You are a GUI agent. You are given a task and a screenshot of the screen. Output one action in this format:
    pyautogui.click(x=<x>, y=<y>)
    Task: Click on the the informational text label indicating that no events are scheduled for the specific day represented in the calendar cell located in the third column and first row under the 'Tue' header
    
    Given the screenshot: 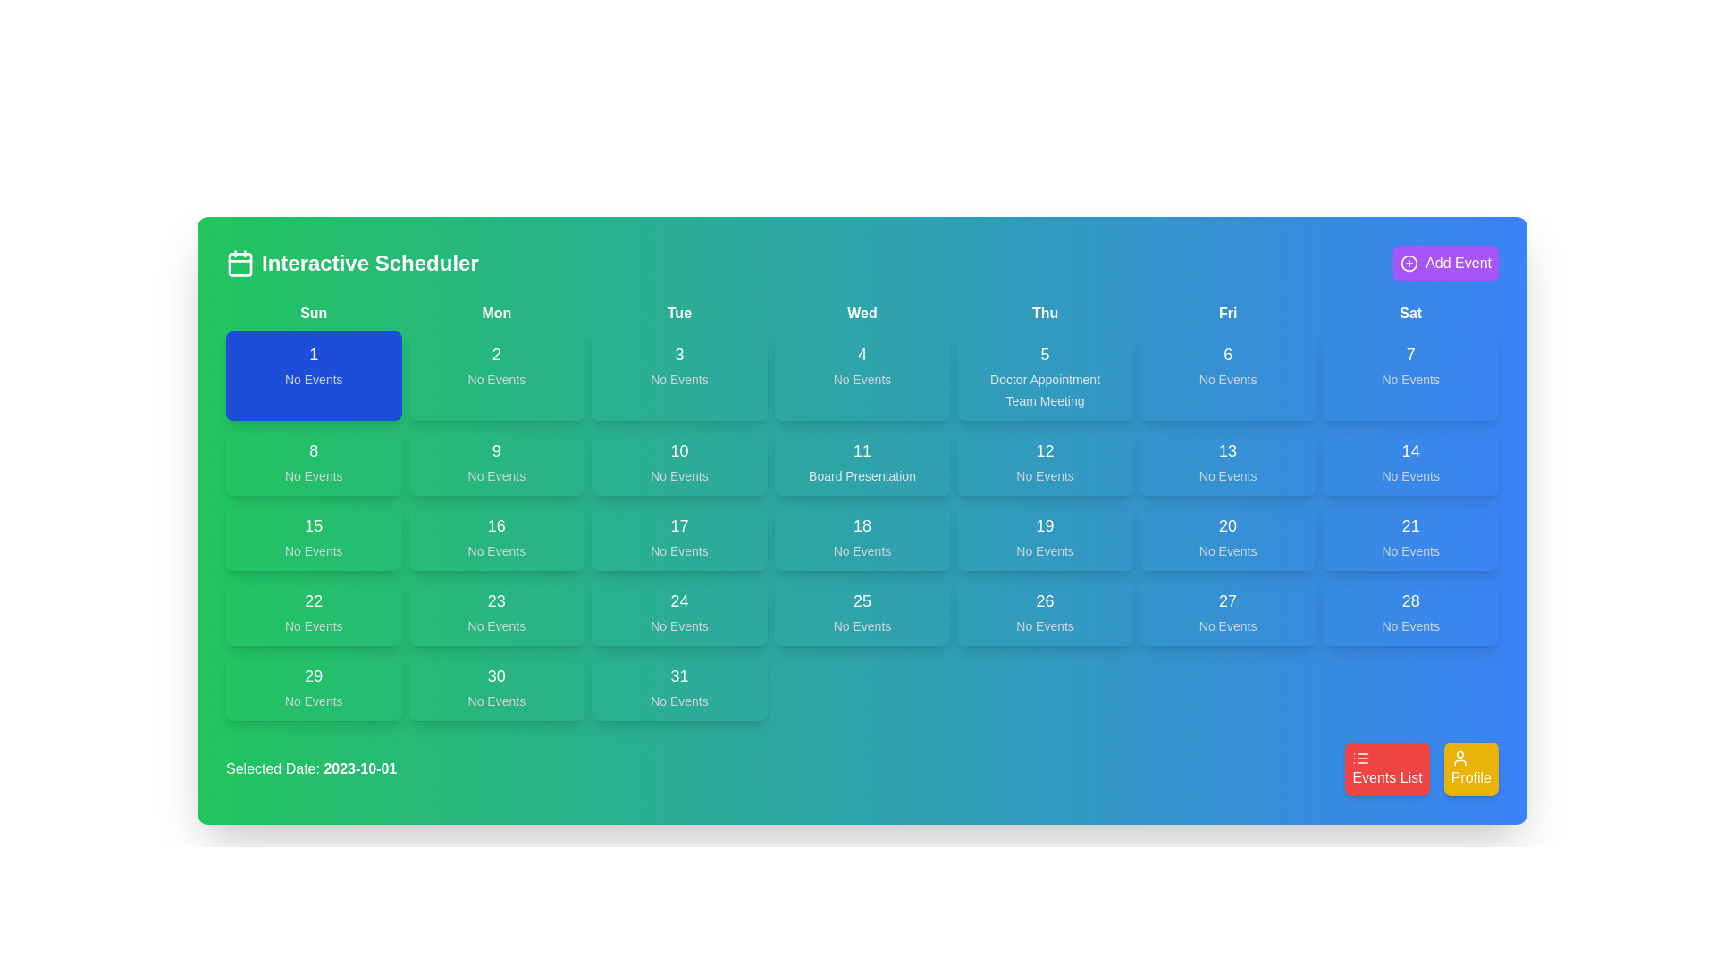 What is the action you would take?
    pyautogui.click(x=678, y=378)
    